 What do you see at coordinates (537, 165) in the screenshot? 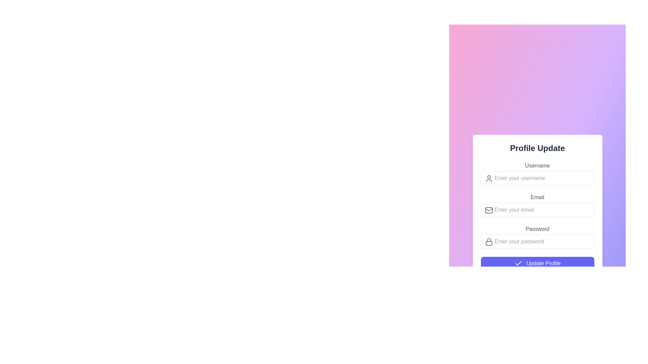
I see `label text 'Username' which is positioned above the username input field in the profile update form` at bounding box center [537, 165].